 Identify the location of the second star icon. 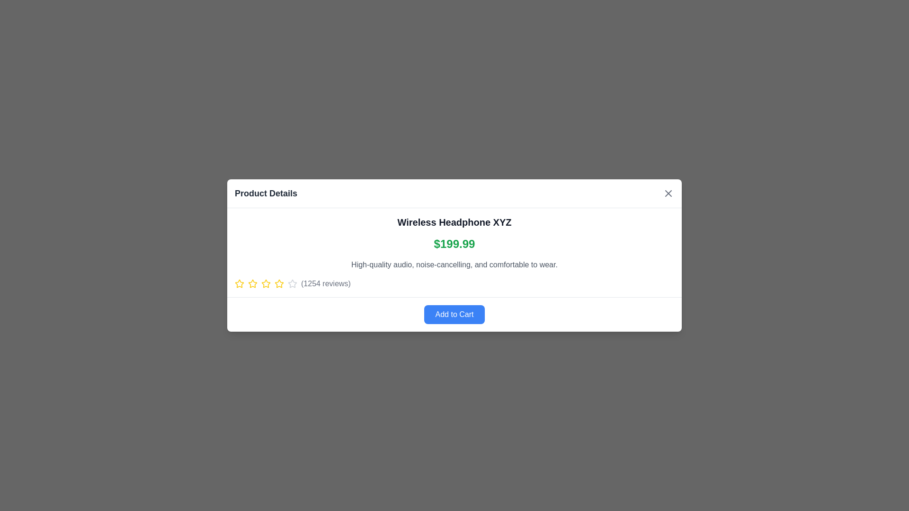
(252, 283).